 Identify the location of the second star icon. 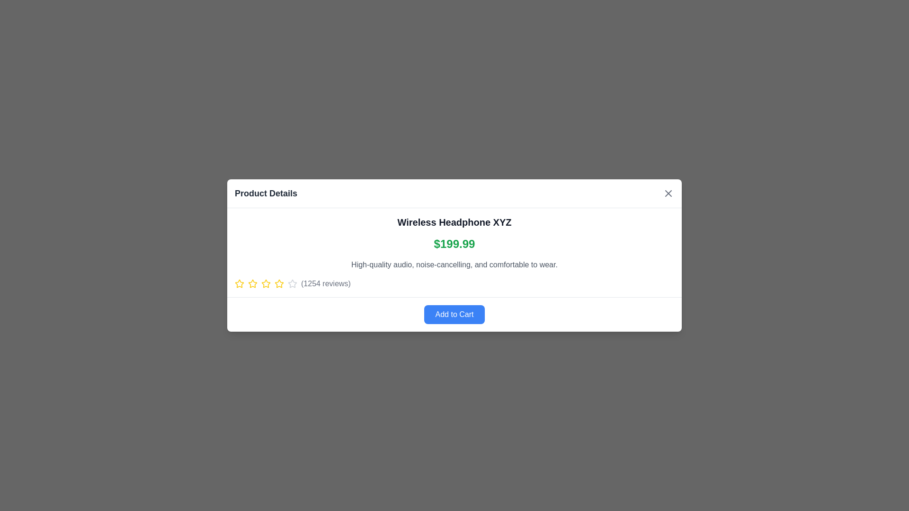
(252, 283).